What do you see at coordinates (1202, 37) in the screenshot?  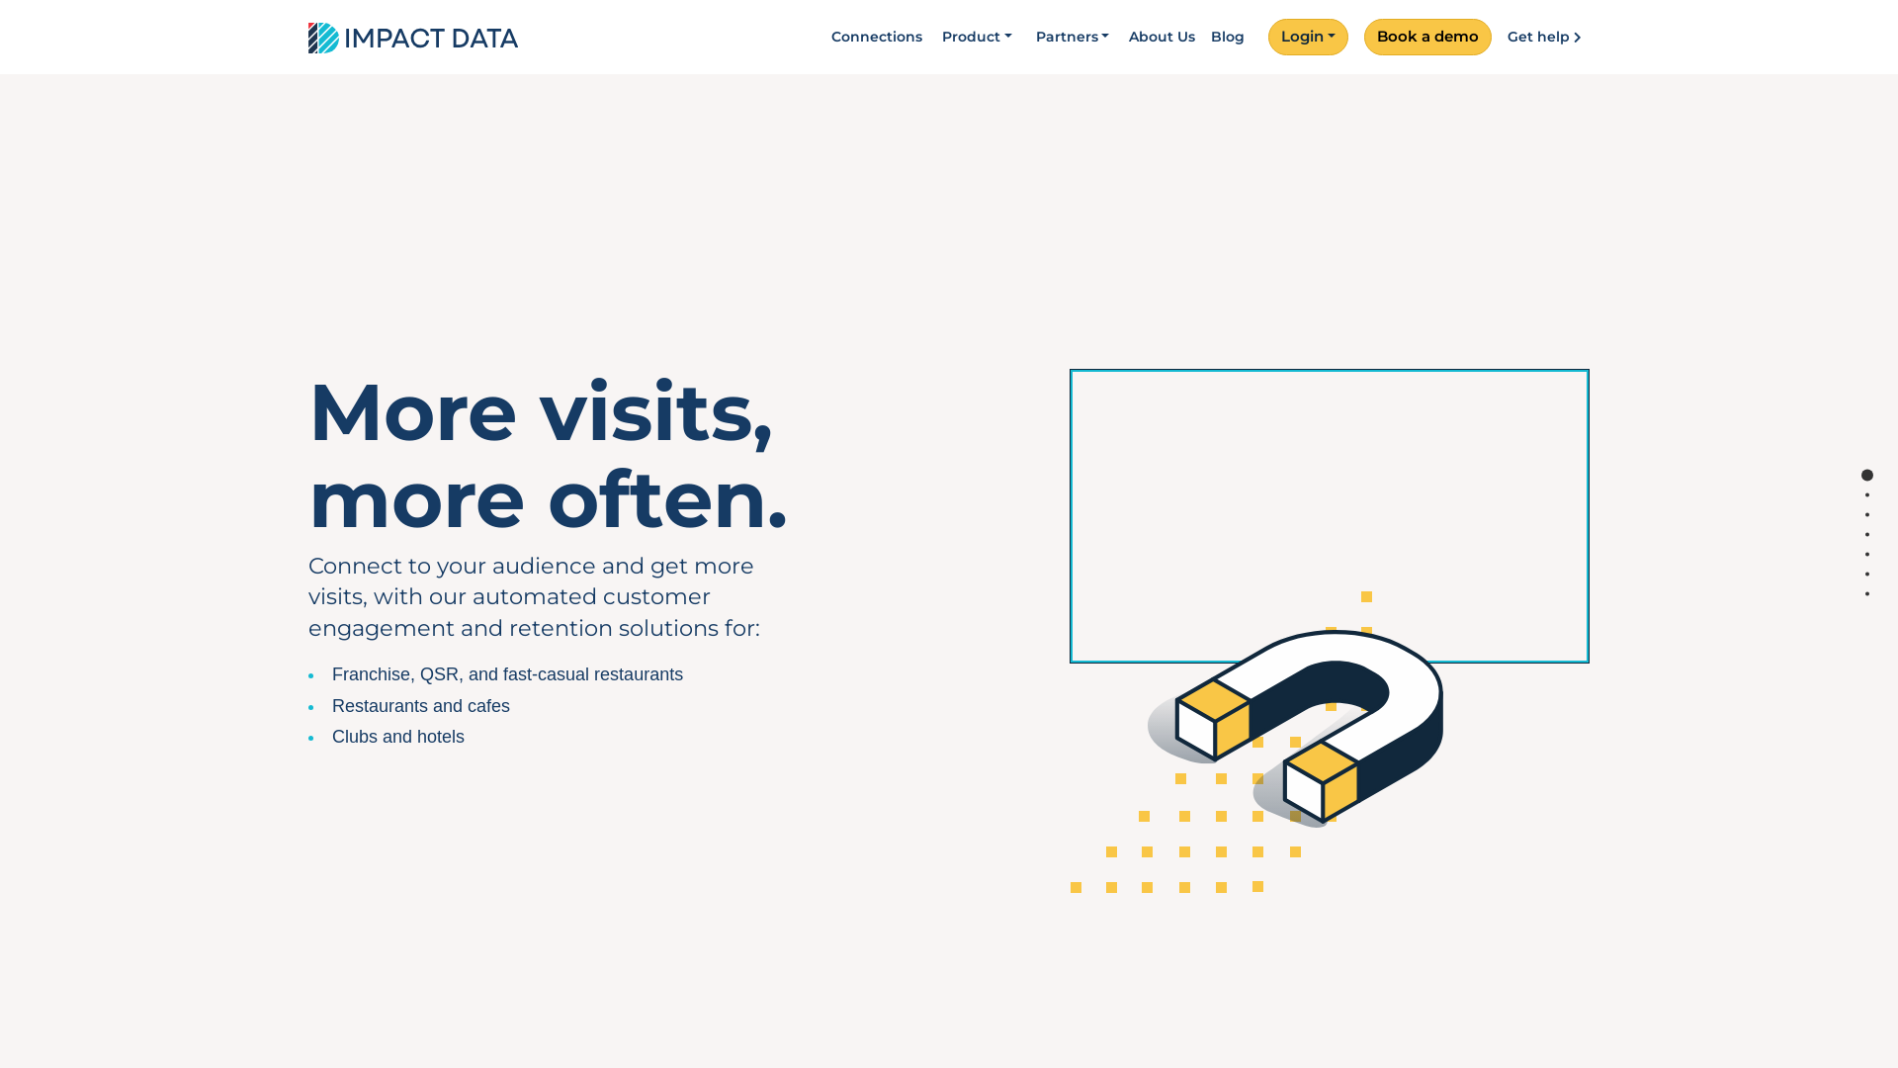 I see `'Blog'` at bounding box center [1202, 37].